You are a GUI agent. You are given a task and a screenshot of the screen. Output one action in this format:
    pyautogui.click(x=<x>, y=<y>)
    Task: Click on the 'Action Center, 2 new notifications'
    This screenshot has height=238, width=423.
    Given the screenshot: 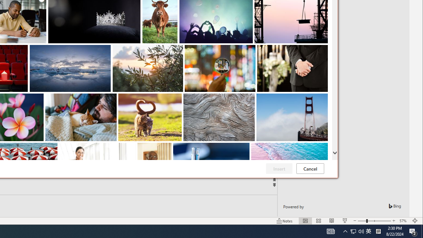 What is the action you would take?
    pyautogui.click(x=413, y=231)
    